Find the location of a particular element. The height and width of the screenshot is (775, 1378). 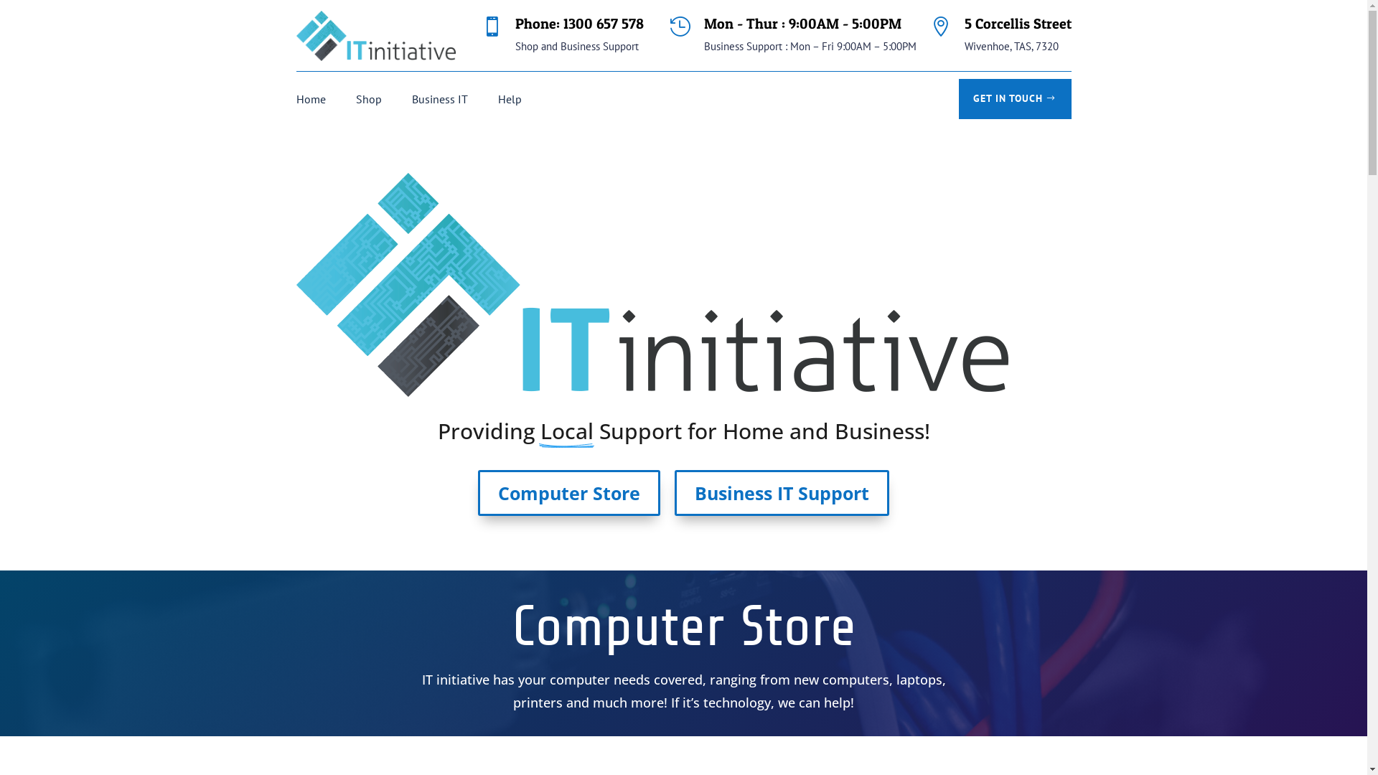

'Shop' is located at coordinates (368, 101).